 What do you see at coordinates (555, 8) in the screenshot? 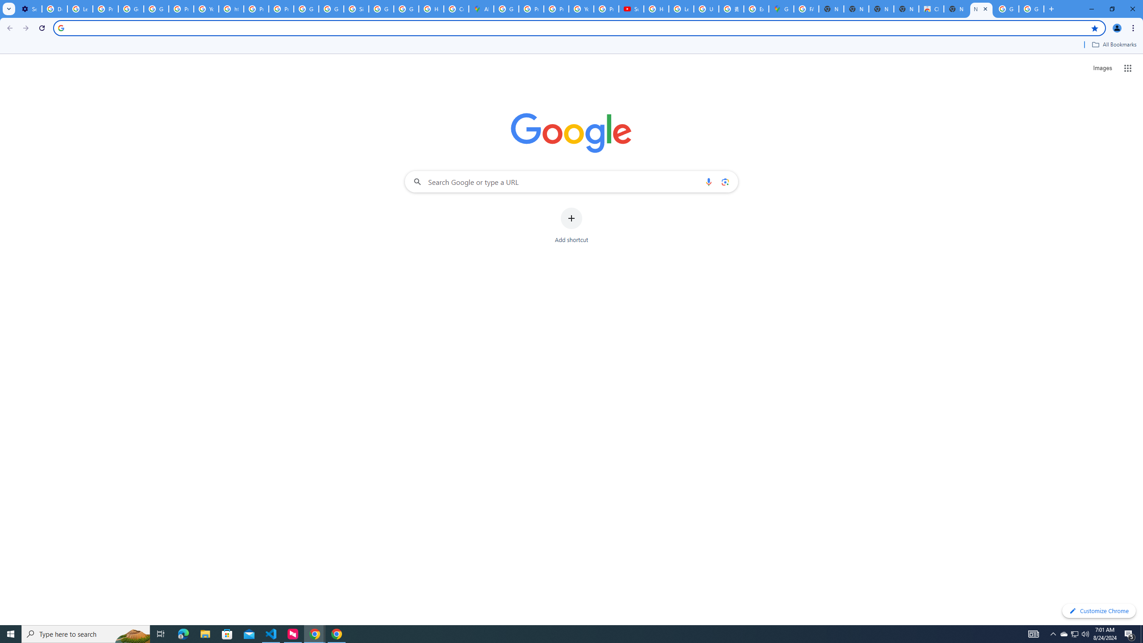
I see `'Privacy Help Center - Policies Help'` at bounding box center [555, 8].